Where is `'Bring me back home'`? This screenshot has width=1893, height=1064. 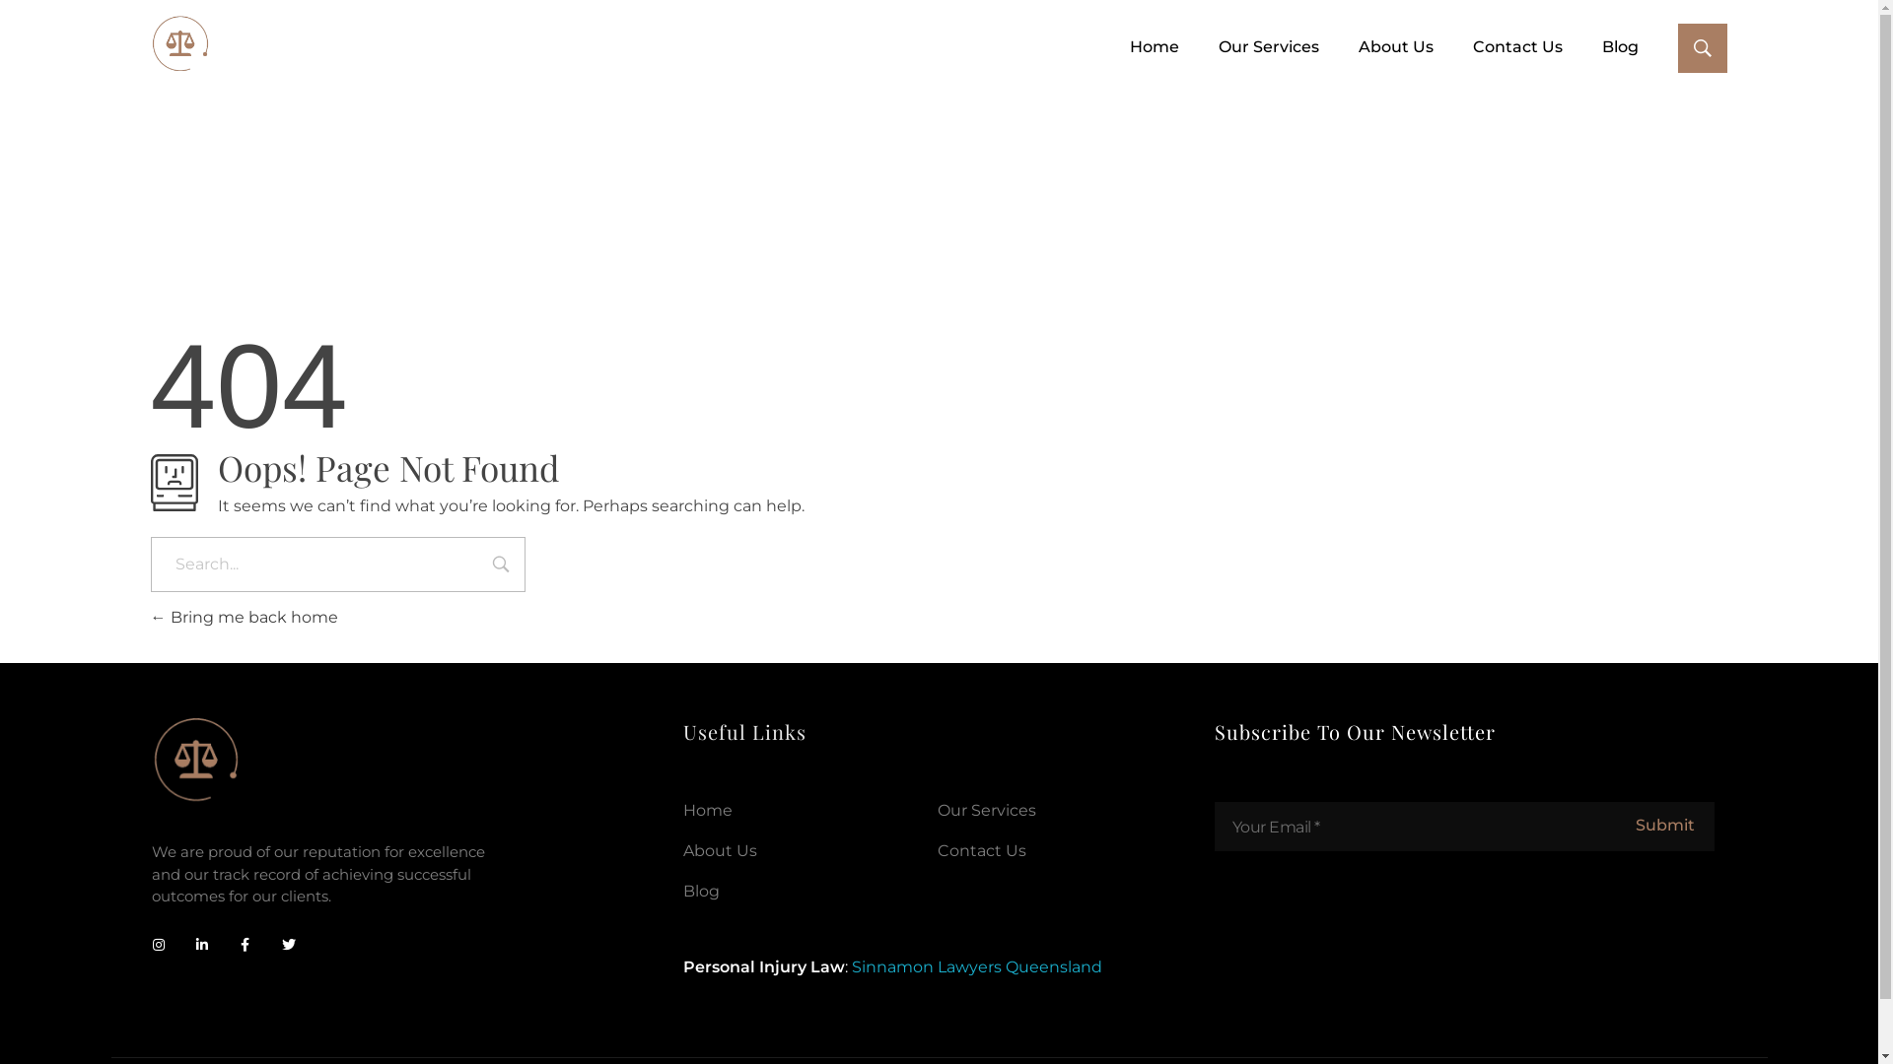 'Bring me back home' is located at coordinates (242, 616).